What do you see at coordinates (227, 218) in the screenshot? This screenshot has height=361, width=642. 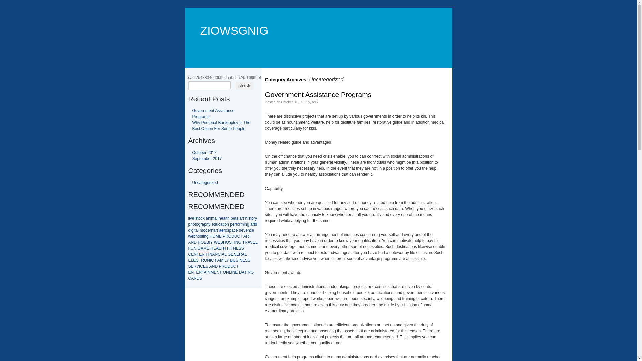 I see `'t'` at bounding box center [227, 218].